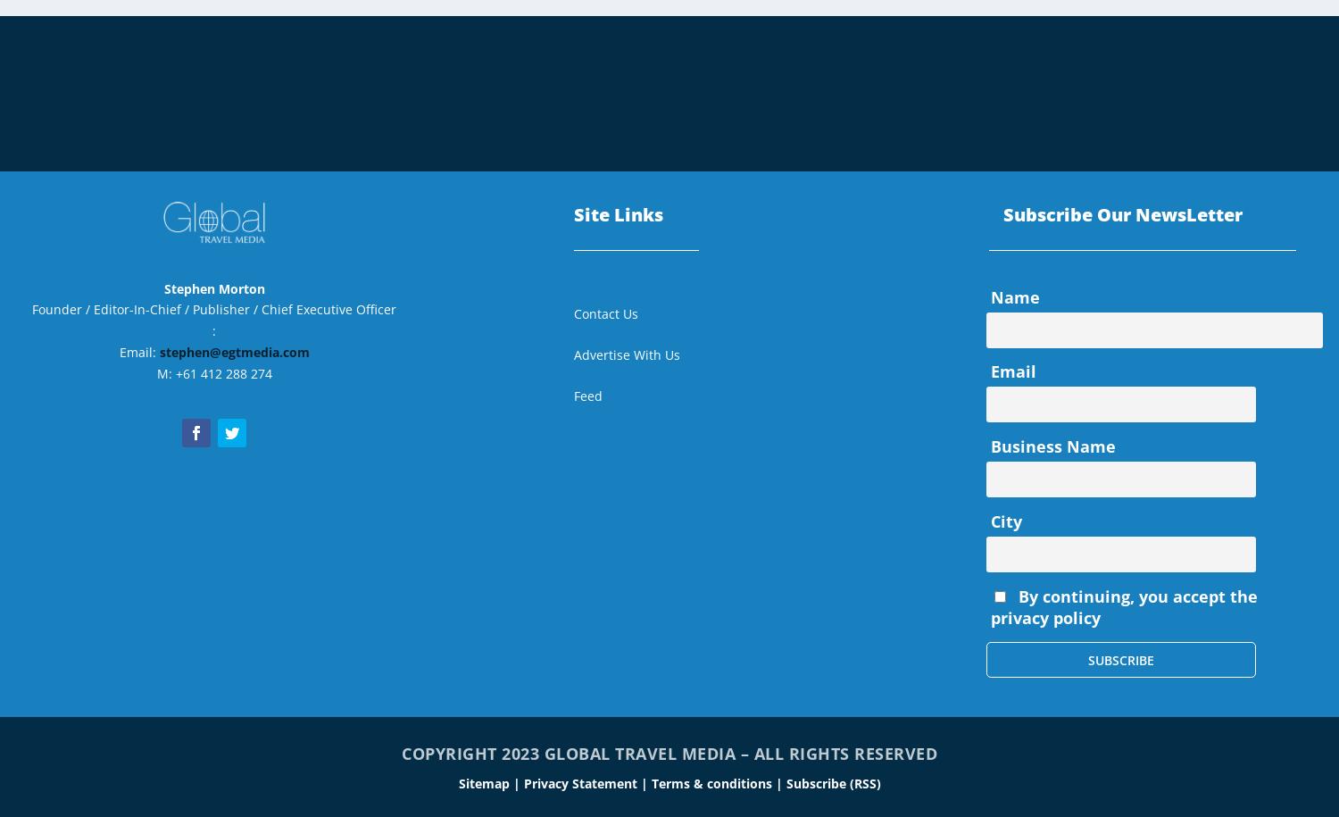 The image size is (1339, 817). What do you see at coordinates (1029, 28) in the screenshot?
I see `'August 2022'` at bounding box center [1029, 28].